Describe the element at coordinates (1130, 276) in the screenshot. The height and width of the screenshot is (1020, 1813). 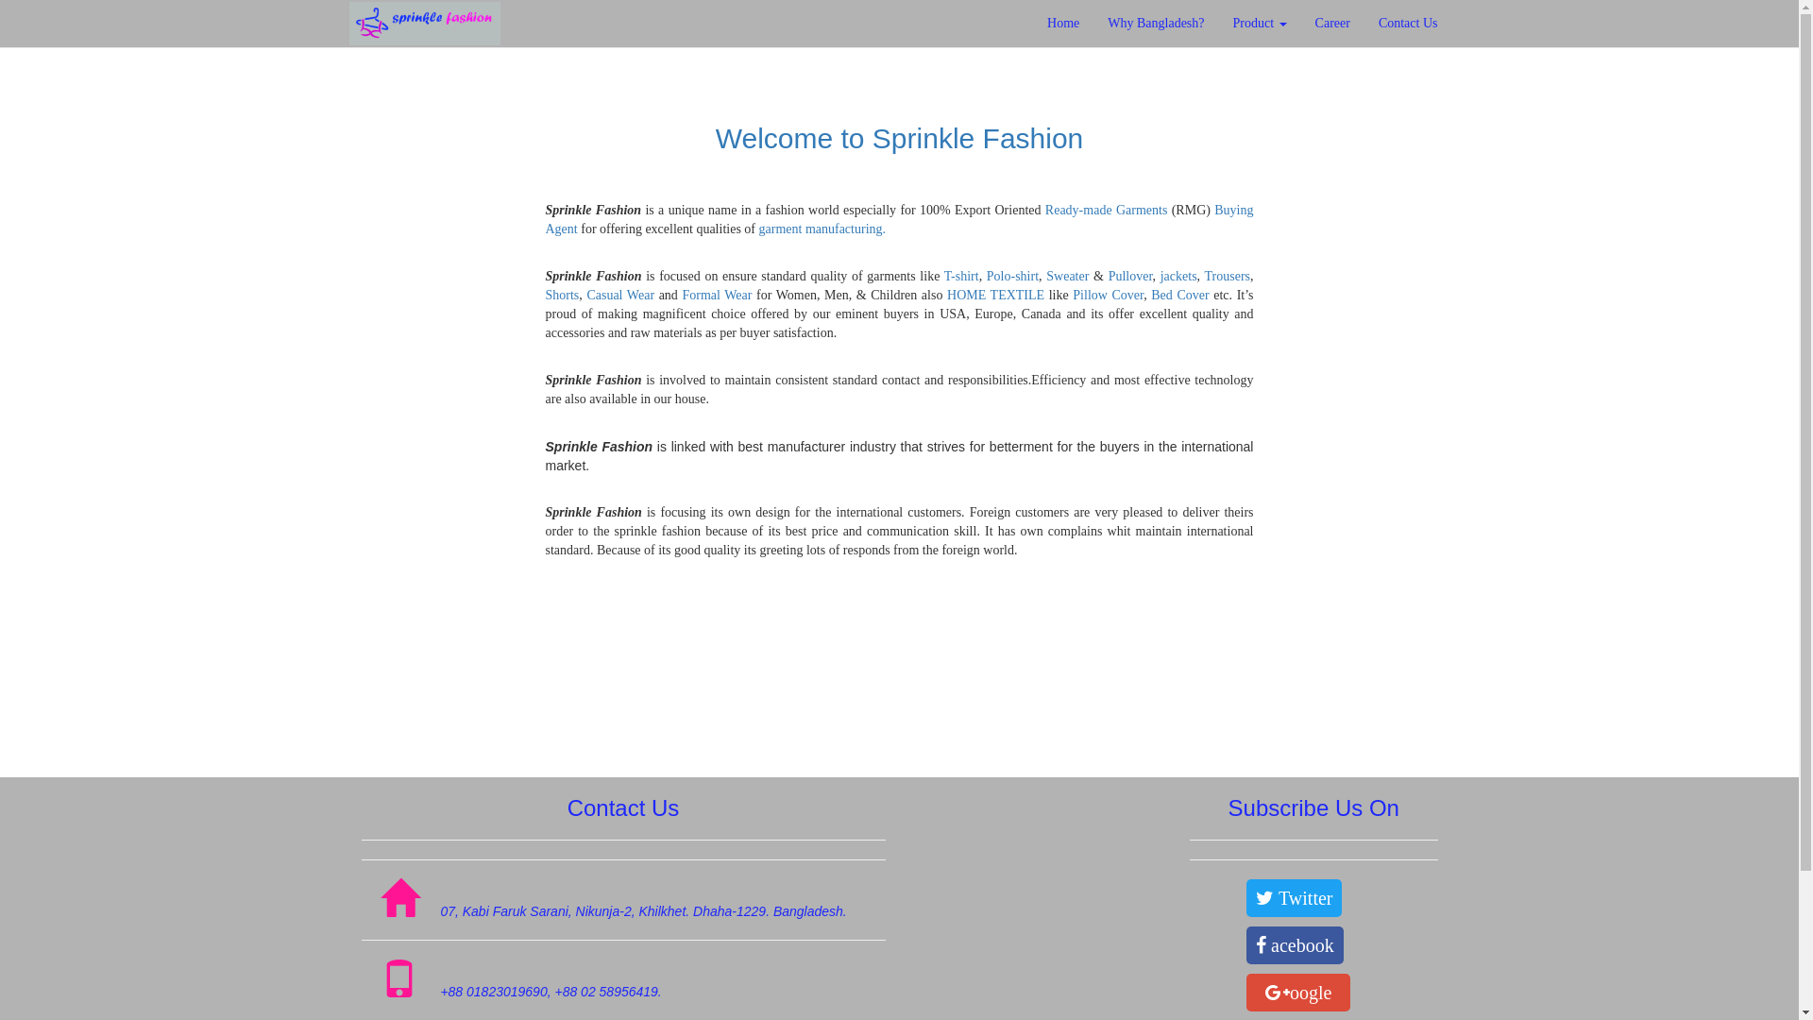
I see `'Pullover'` at that location.